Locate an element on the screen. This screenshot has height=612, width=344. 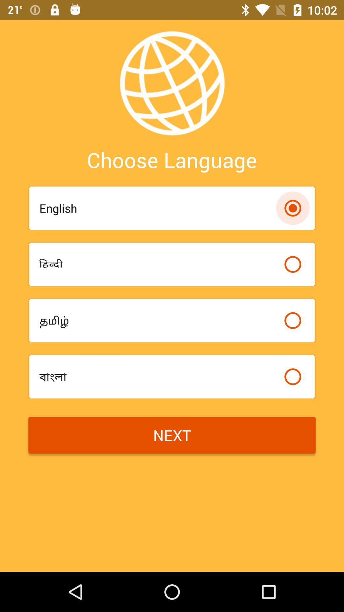
preferred language is located at coordinates (293, 264).